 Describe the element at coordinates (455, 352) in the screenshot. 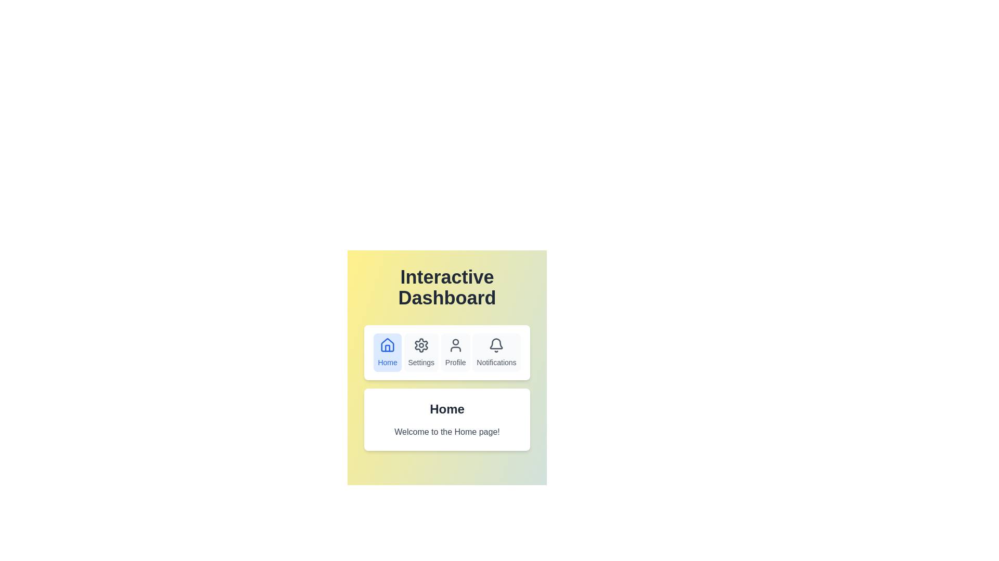

I see `the Profile tab in the navigation bar` at that location.